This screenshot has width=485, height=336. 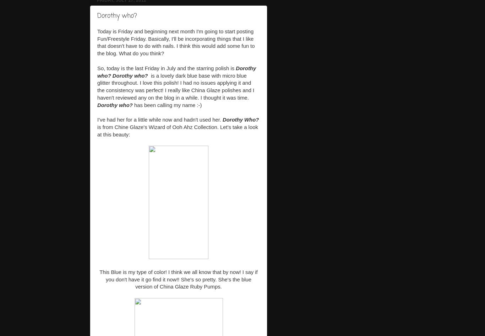 What do you see at coordinates (97, 130) in the screenshot?
I see `'Let's take a look at this beauty:'` at bounding box center [97, 130].